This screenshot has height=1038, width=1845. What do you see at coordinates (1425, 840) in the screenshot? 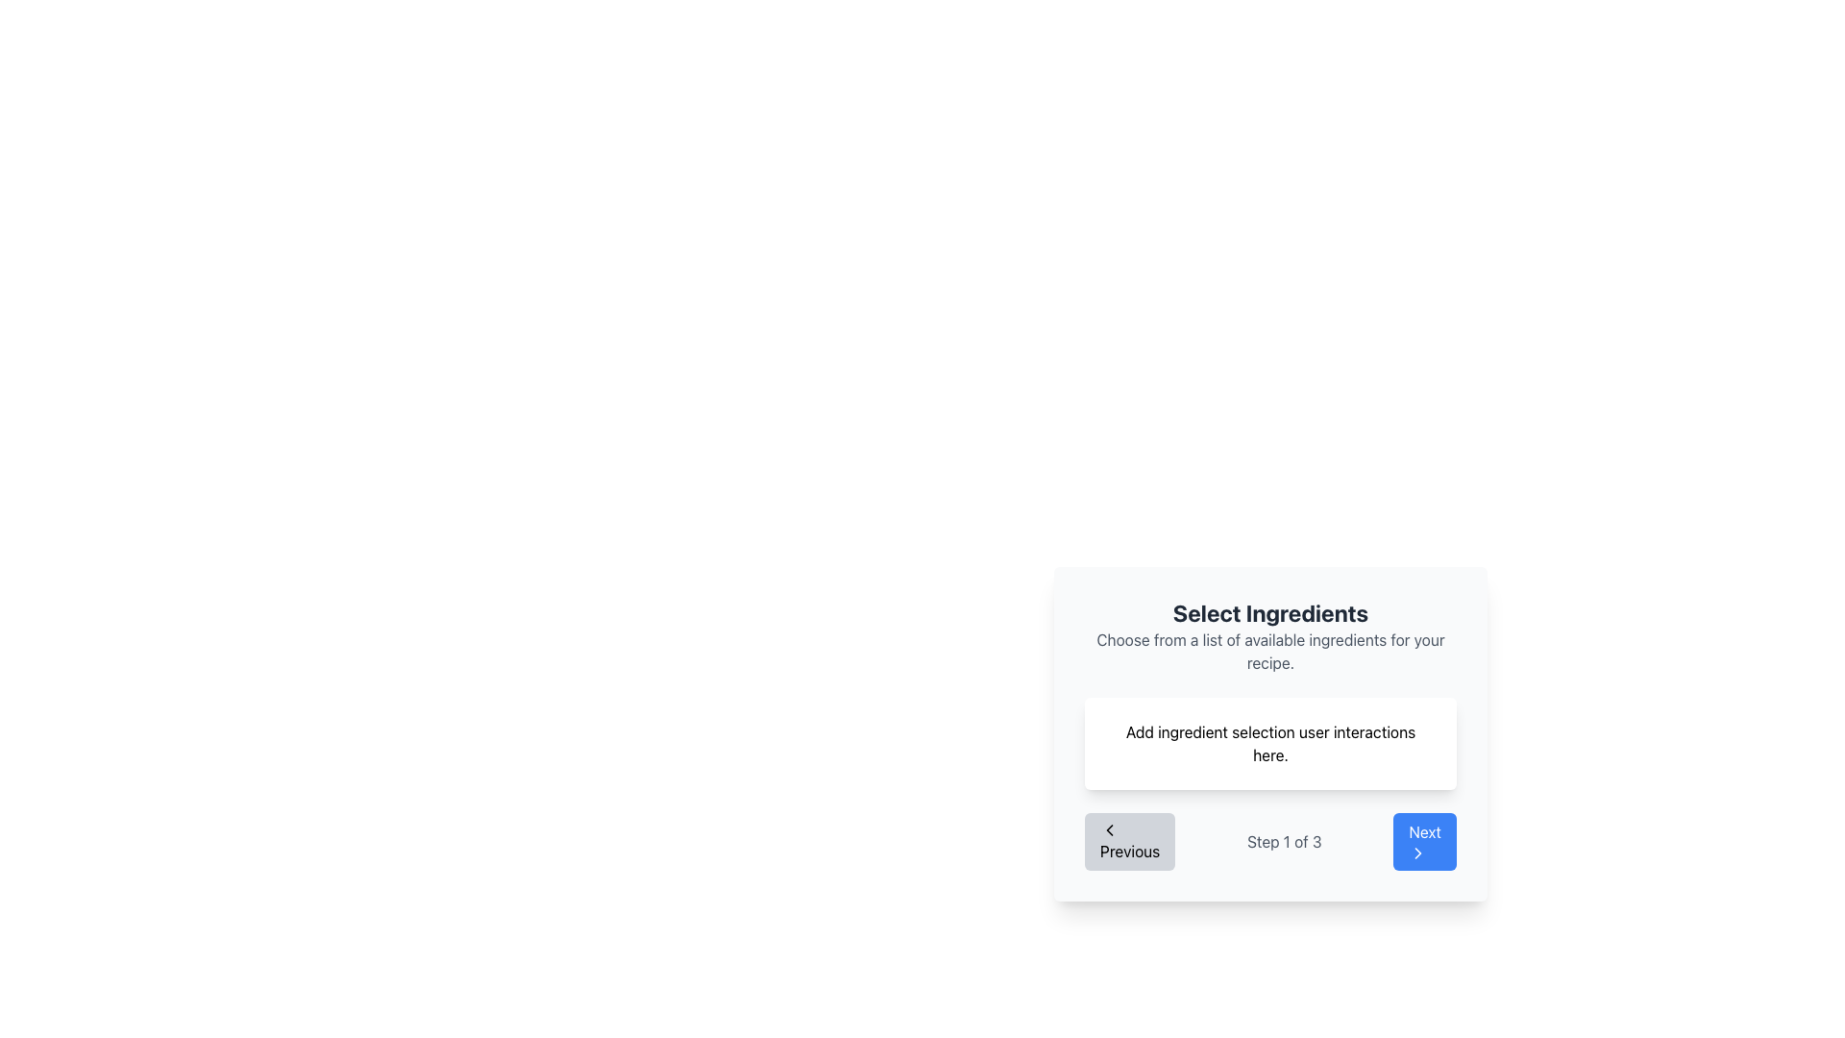
I see `the 'Next' button, which is a blue rectangular button with rounded corners and labeled 'Next' with a right-pointing arrow, located at the far right of the navigation bar` at bounding box center [1425, 840].